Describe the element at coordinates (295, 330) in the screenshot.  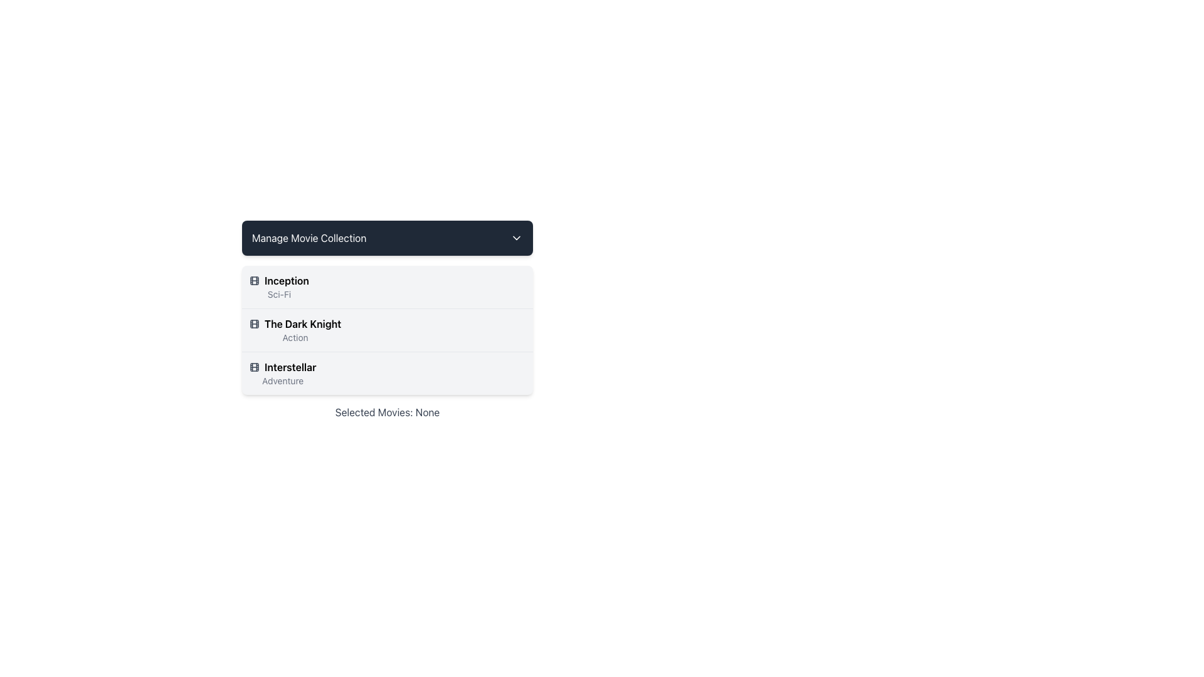
I see `to select the second movie entry in the 'Manage Movie Collection' pop-up, which represents a movie with its title and genre` at that location.